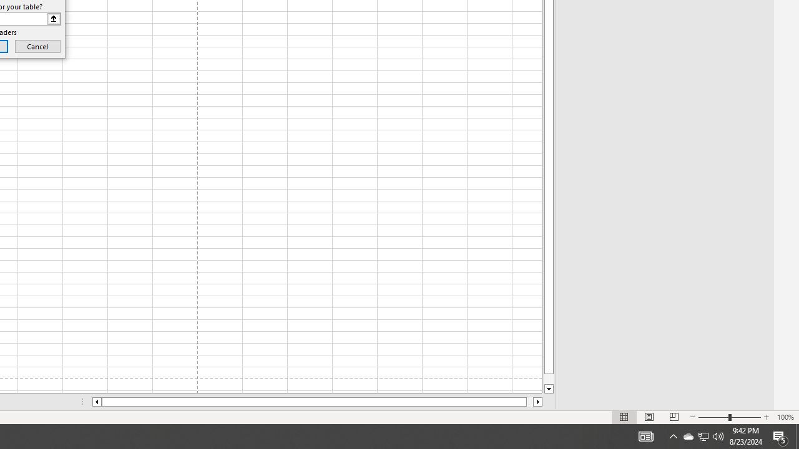 The height and width of the screenshot is (449, 799). What do you see at coordinates (729, 417) in the screenshot?
I see `'Zoom'` at bounding box center [729, 417].